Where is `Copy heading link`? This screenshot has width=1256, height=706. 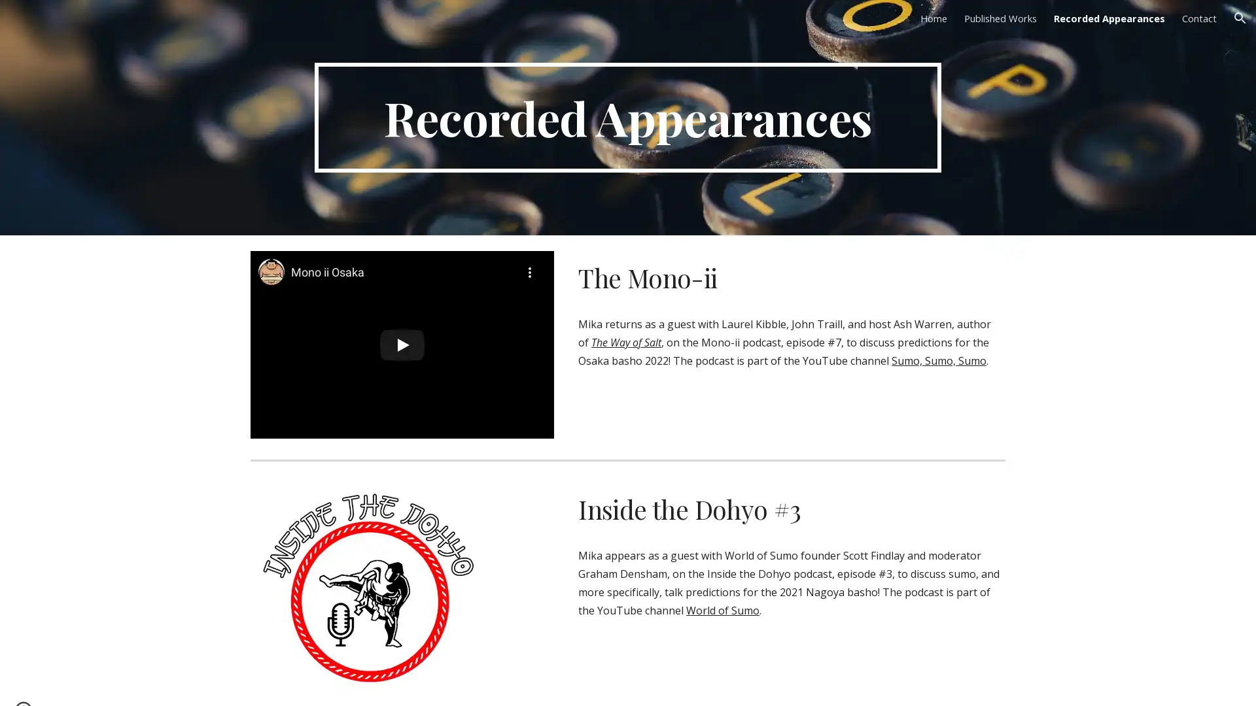
Copy heading link is located at coordinates (738, 277).